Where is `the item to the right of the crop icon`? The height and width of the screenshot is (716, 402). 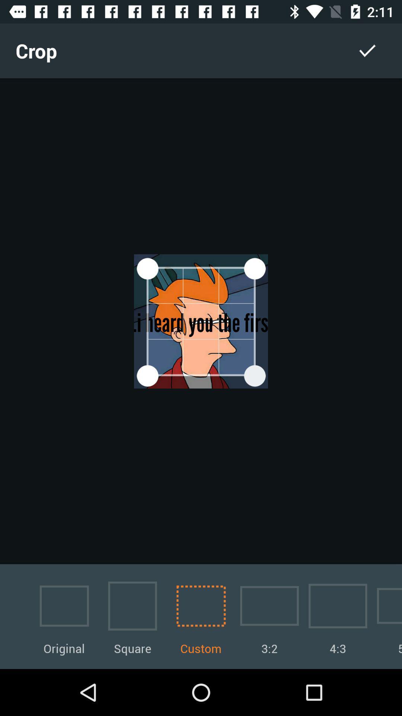 the item to the right of the crop icon is located at coordinates (367, 50).